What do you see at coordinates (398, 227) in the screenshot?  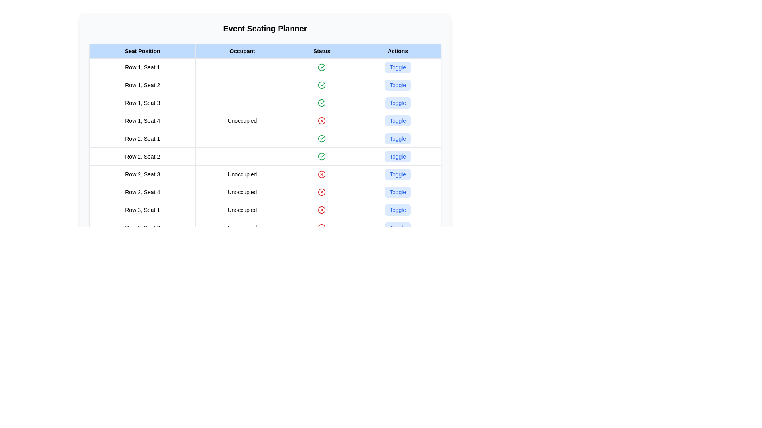 I see `the rectangular button with a blue background and white text labeled 'Toggle' located in the 'Actions' column under 'Row 3, Seat 2' in the 'Event Seating Planner' table` at bounding box center [398, 227].